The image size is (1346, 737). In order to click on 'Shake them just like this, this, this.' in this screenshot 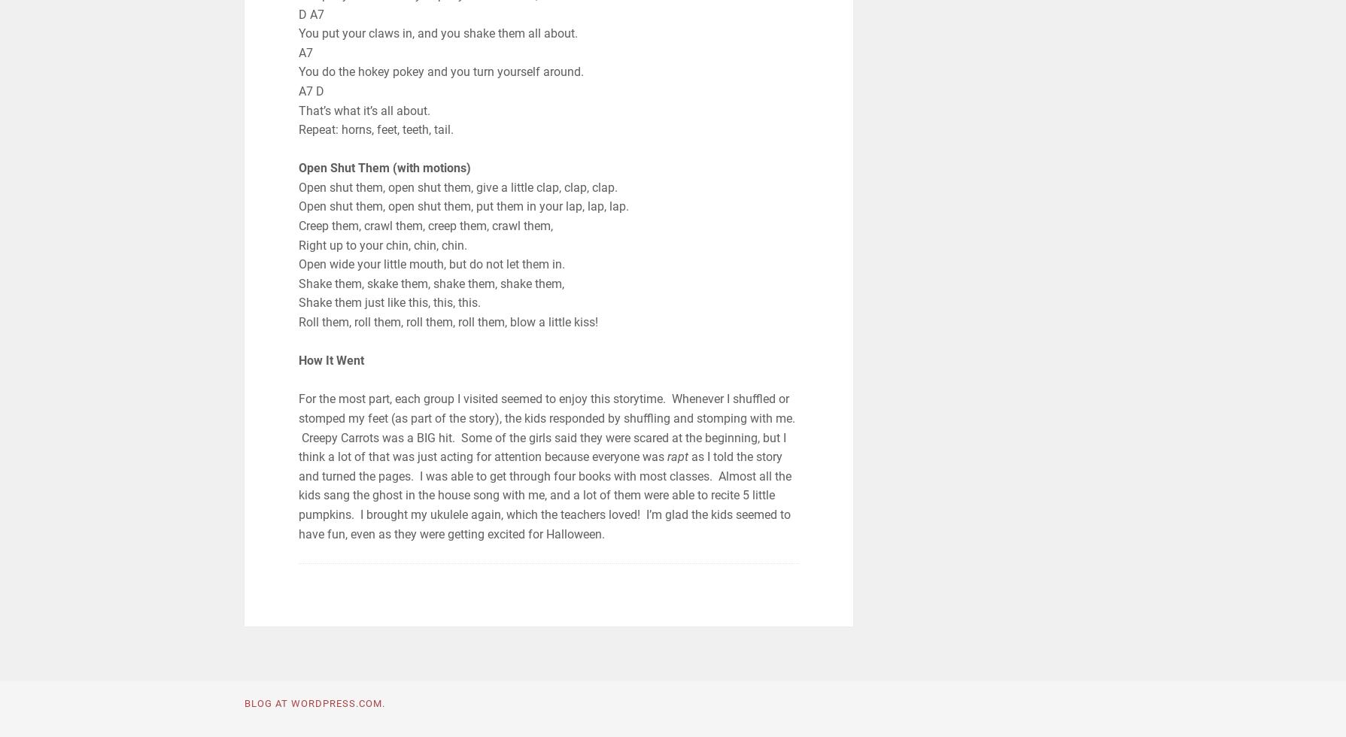, I will do `click(388, 302)`.